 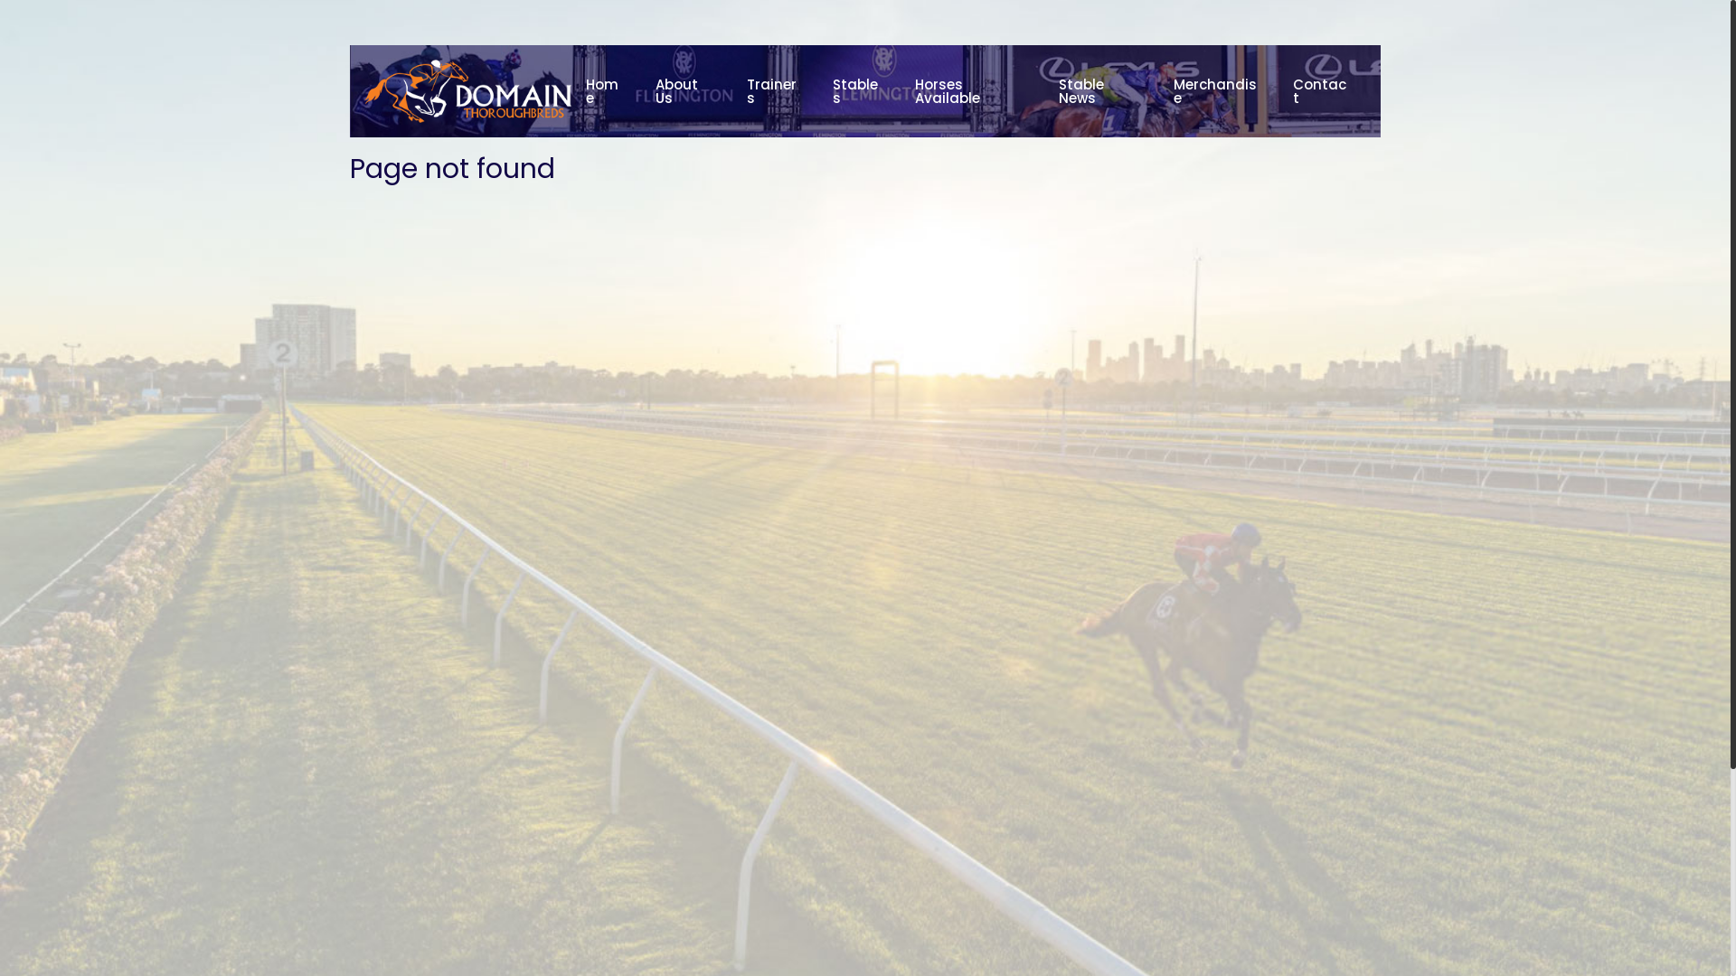 I want to click on 'Stables', so click(x=858, y=90).